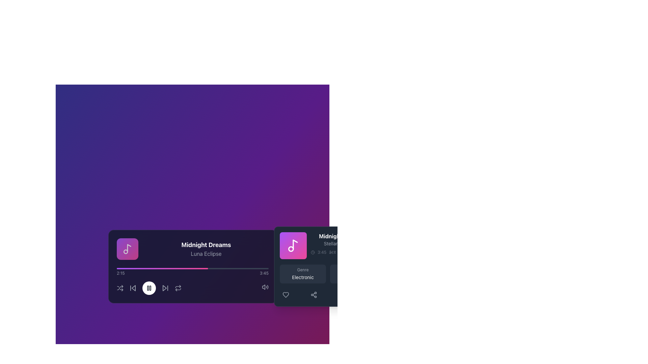  What do you see at coordinates (178, 288) in the screenshot?
I see `the repeat button, which is a small circular arrow icon in the music control interface` at bounding box center [178, 288].